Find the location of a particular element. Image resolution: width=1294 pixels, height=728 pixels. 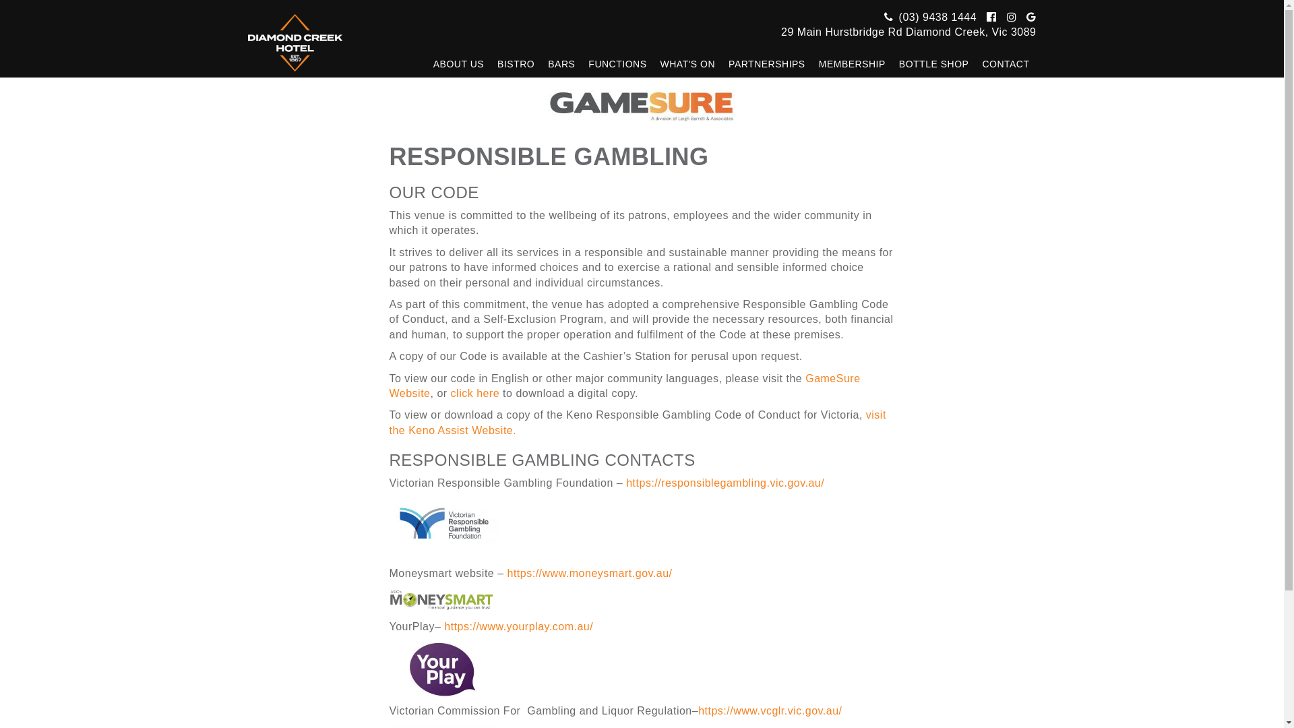

'BOTTLE SHOP' is located at coordinates (933, 64).